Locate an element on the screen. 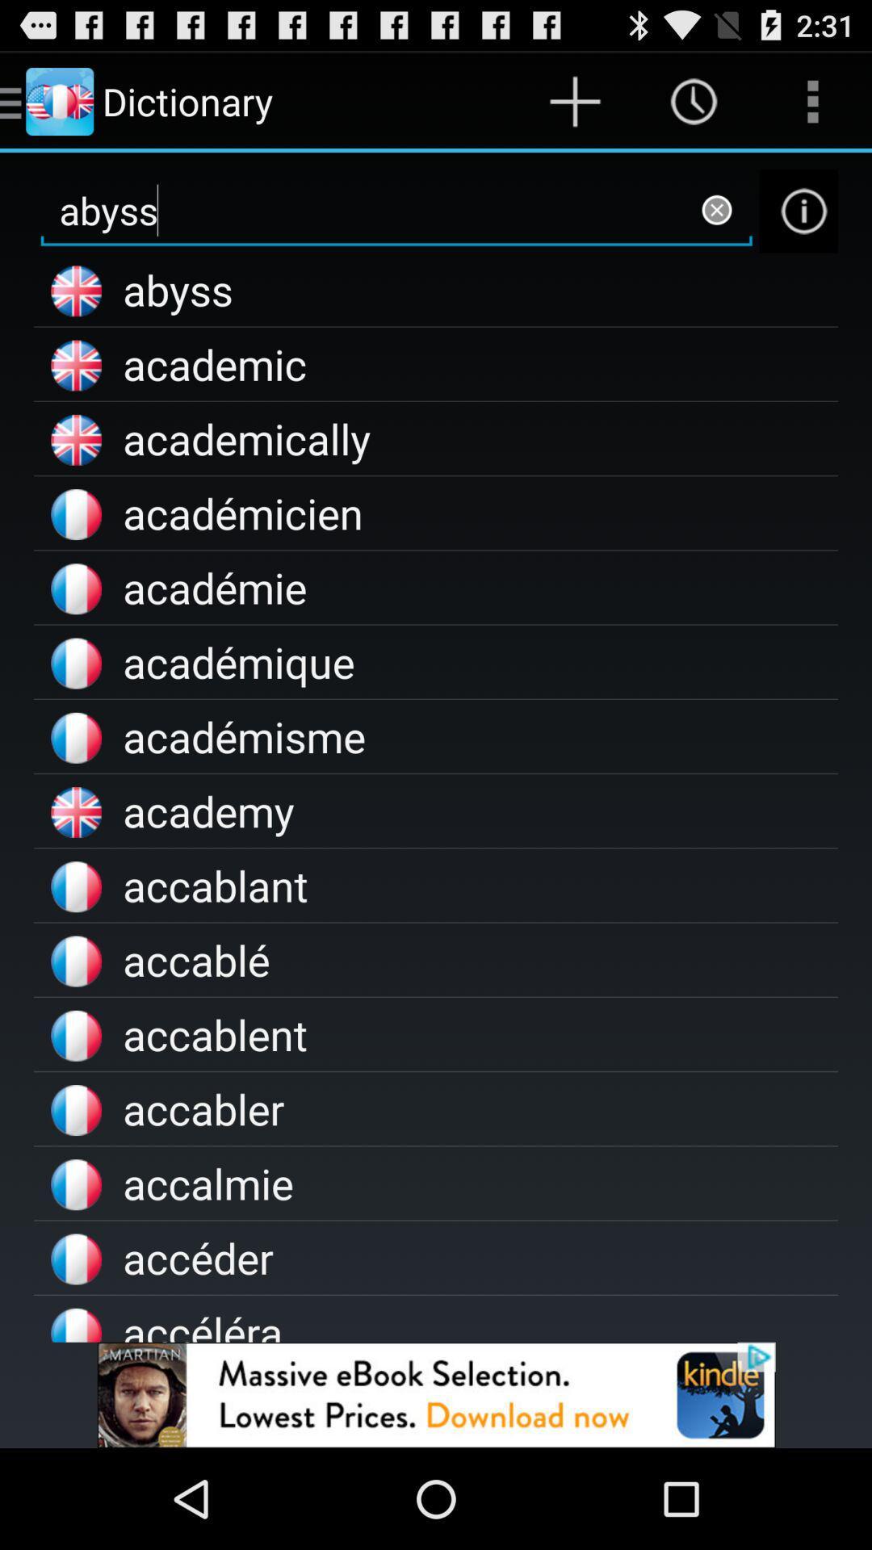  info is located at coordinates (798, 210).